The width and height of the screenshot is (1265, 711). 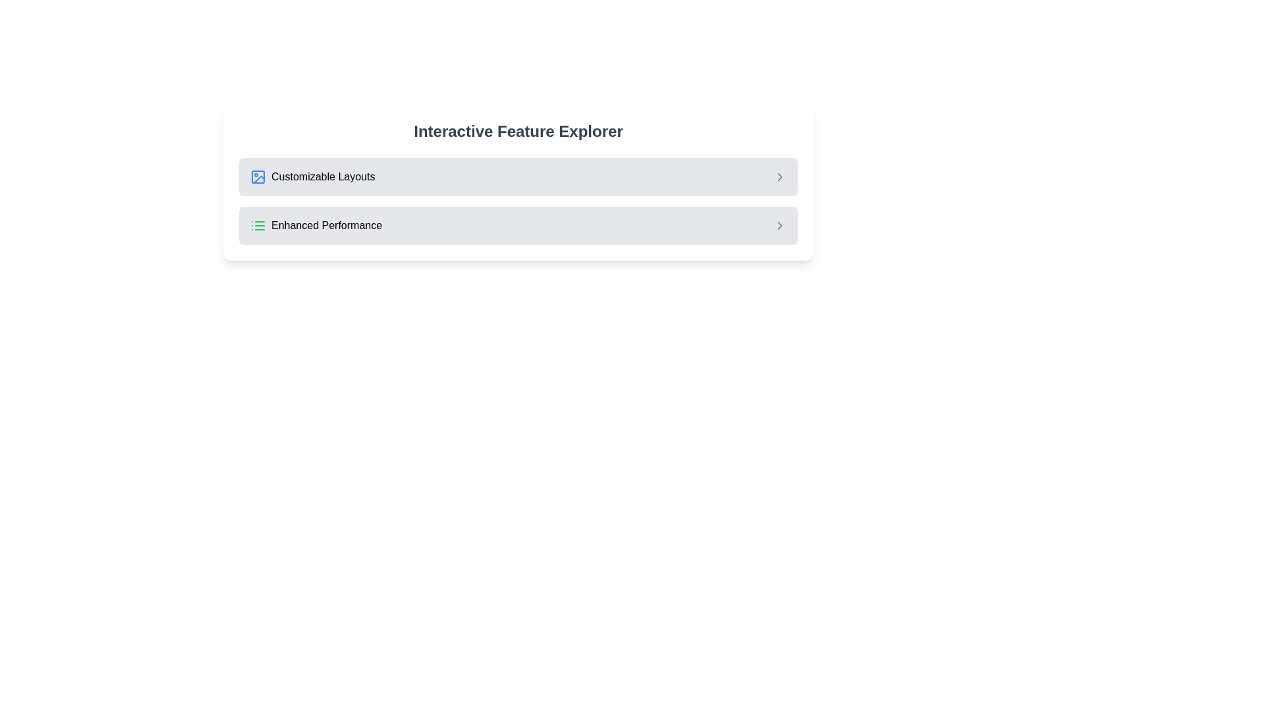 I want to click on the 'Customizable Layouts' text label, which is styled with a medium-weight font and located next to the icon in the first item of a vertical list, so click(x=323, y=176).